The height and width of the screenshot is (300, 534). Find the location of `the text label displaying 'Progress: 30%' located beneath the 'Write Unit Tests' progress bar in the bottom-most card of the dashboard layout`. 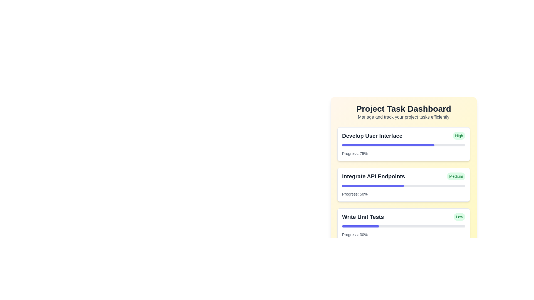

the text label displaying 'Progress: 30%' located beneath the 'Write Unit Tests' progress bar in the bottom-most card of the dashboard layout is located at coordinates (354, 234).